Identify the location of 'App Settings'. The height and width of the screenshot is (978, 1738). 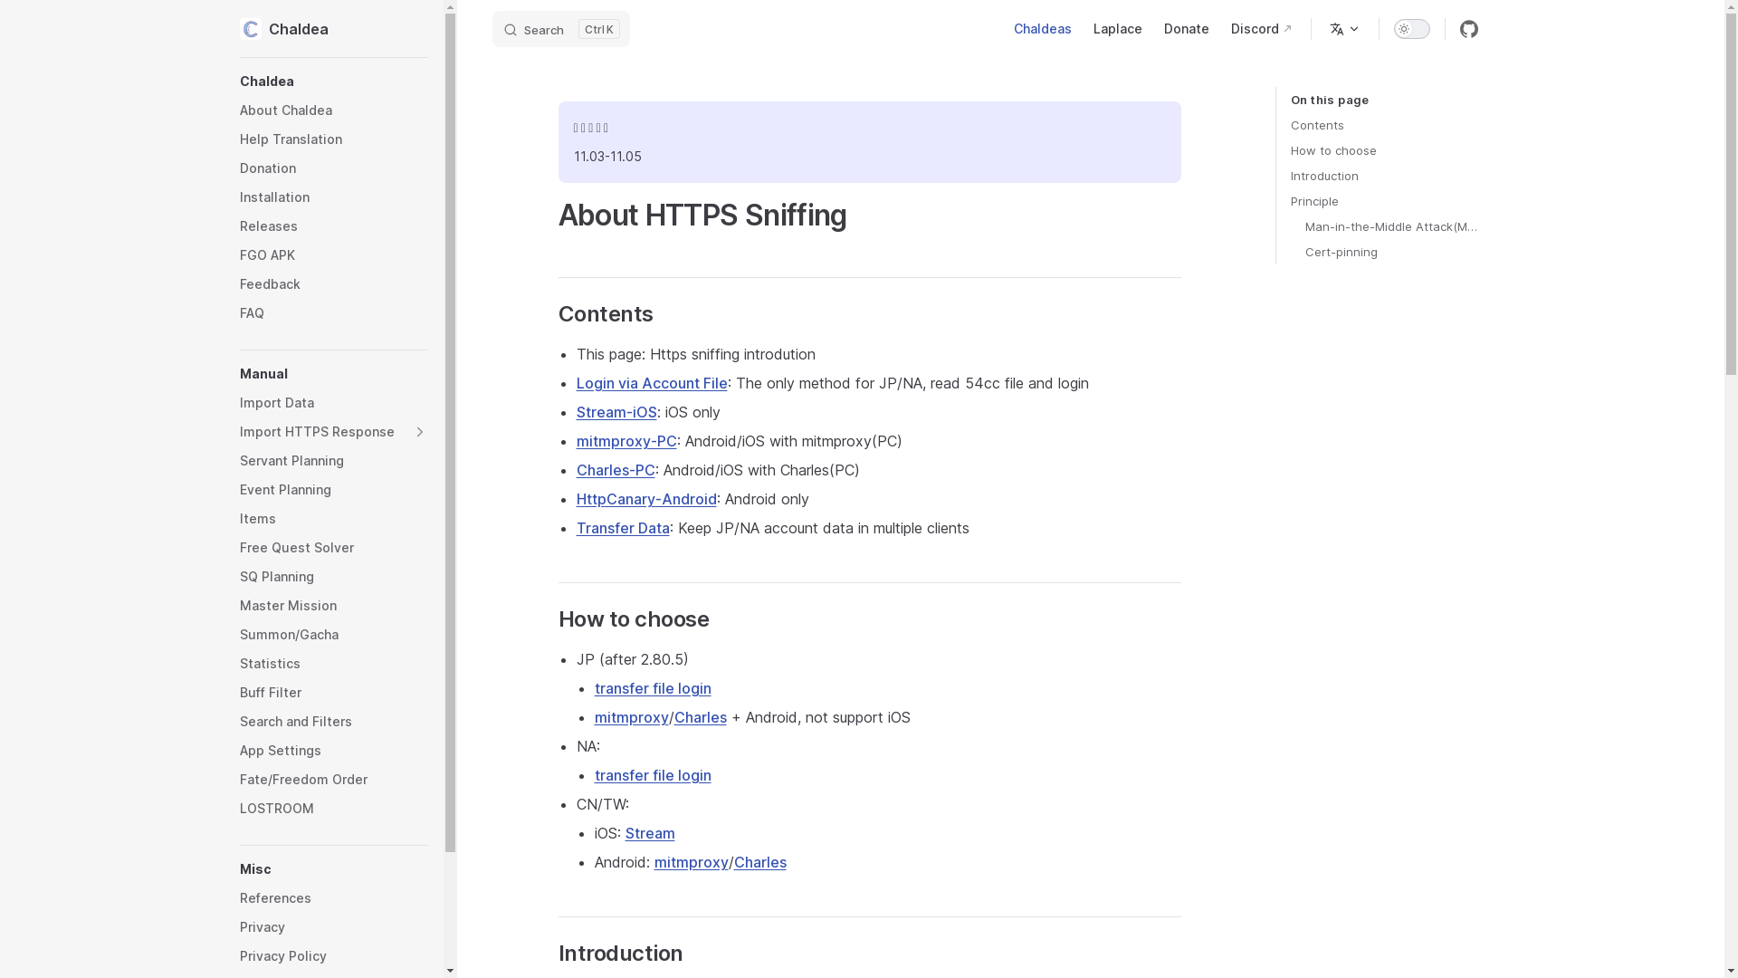
(238, 751).